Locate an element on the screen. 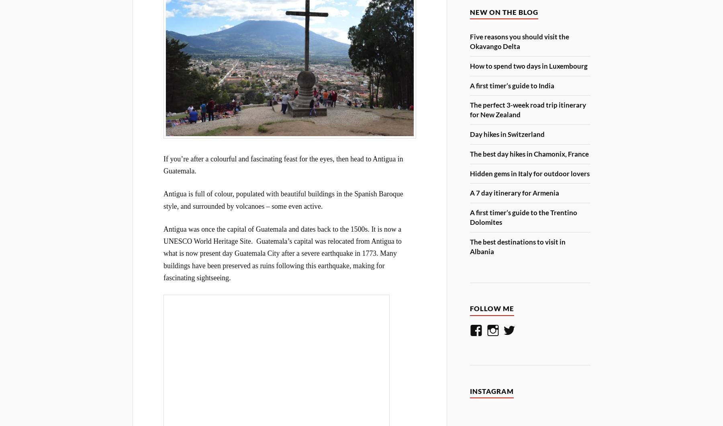 The height and width of the screenshot is (426, 723). 'A first timer’s guide to the Trentino Dolomites' is located at coordinates (523, 217).